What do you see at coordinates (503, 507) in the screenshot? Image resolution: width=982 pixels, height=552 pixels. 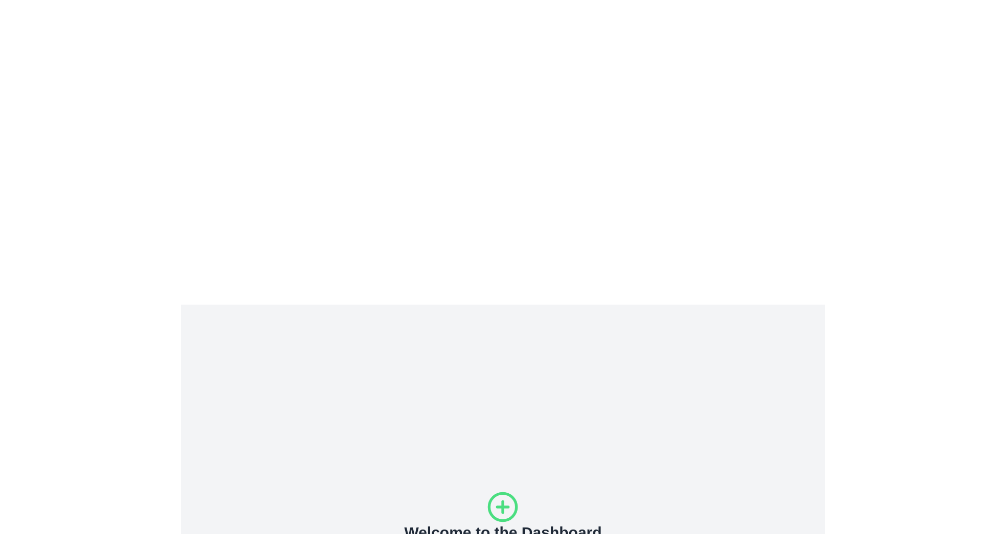 I see `the Circle Button with Plus Icon located centrally in the dashboard introduction section to initiate an action` at bounding box center [503, 507].